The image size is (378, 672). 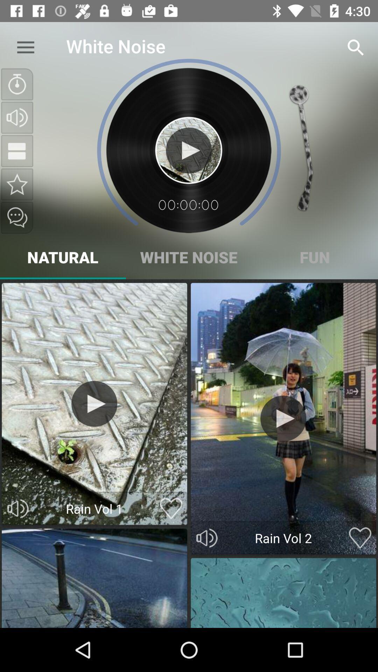 I want to click on the chat icon, so click(x=17, y=217).